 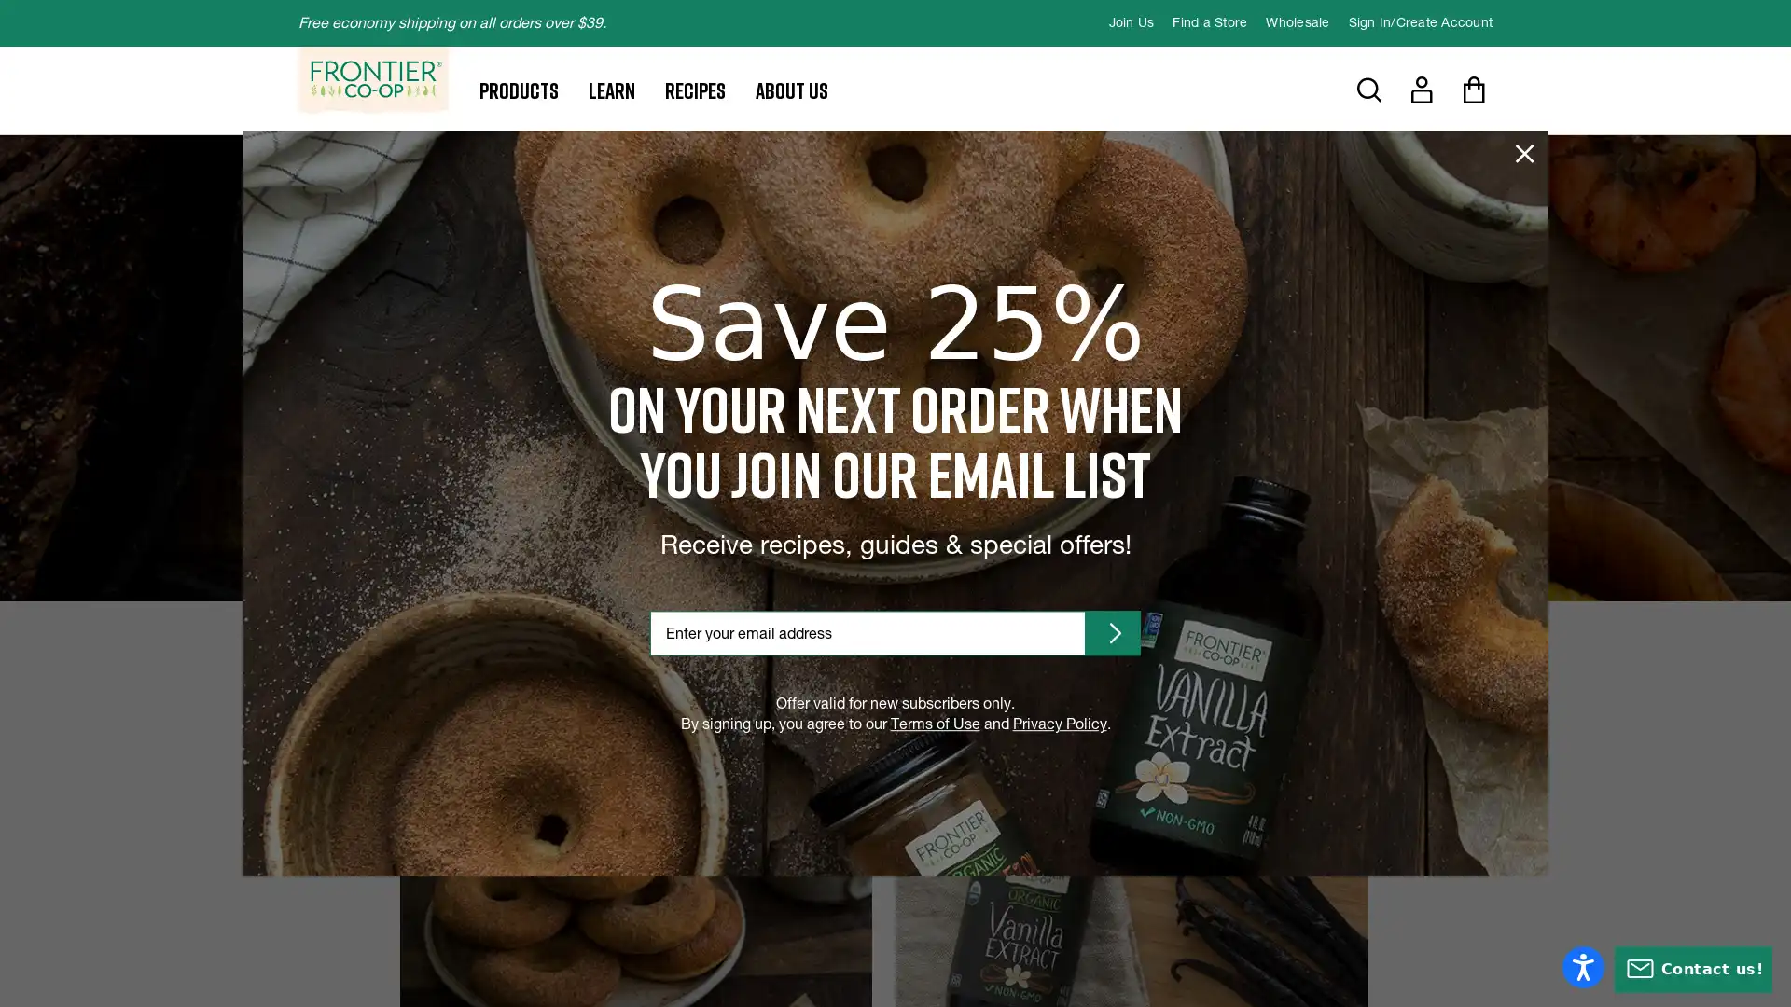 What do you see at coordinates (1582, 966) in the screenshot?
I see `Open accessibility options, statement and help` at bounding box center [1582, 966].